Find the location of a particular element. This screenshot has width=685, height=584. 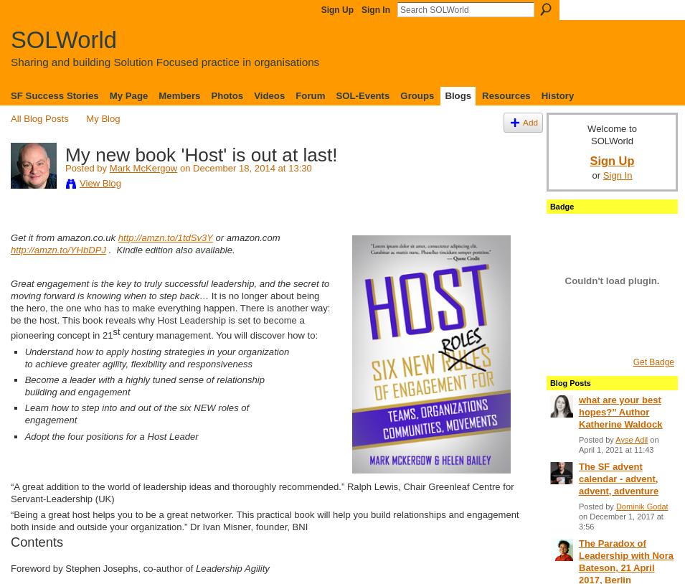

'Badge' is located at coordinates (549, 206).